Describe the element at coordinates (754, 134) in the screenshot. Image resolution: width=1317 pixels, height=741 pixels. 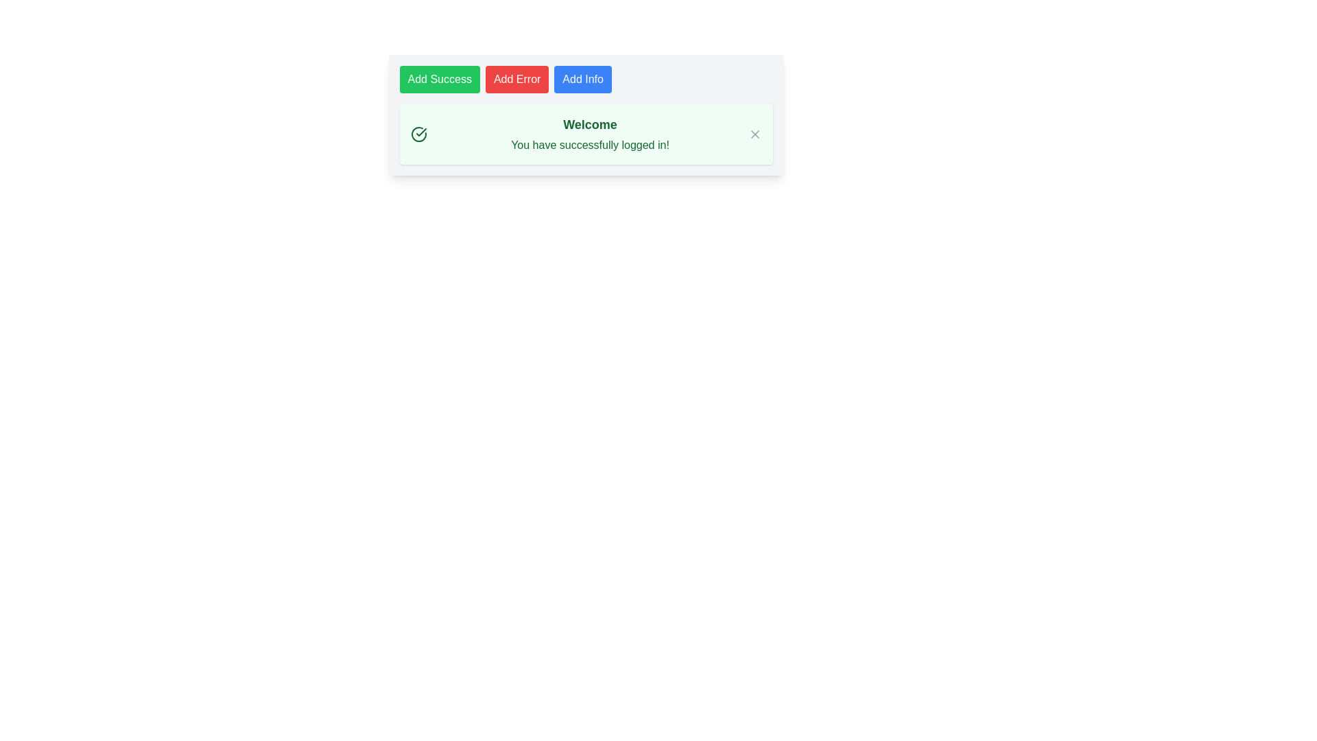
I see `the dismiss button located at the far-right side of the green notification box` at that location.